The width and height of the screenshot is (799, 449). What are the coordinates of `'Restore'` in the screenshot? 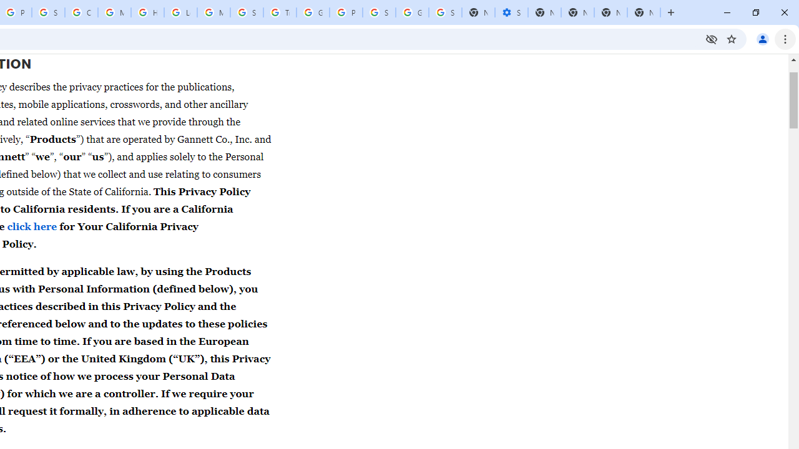 It's located at (755, 12).